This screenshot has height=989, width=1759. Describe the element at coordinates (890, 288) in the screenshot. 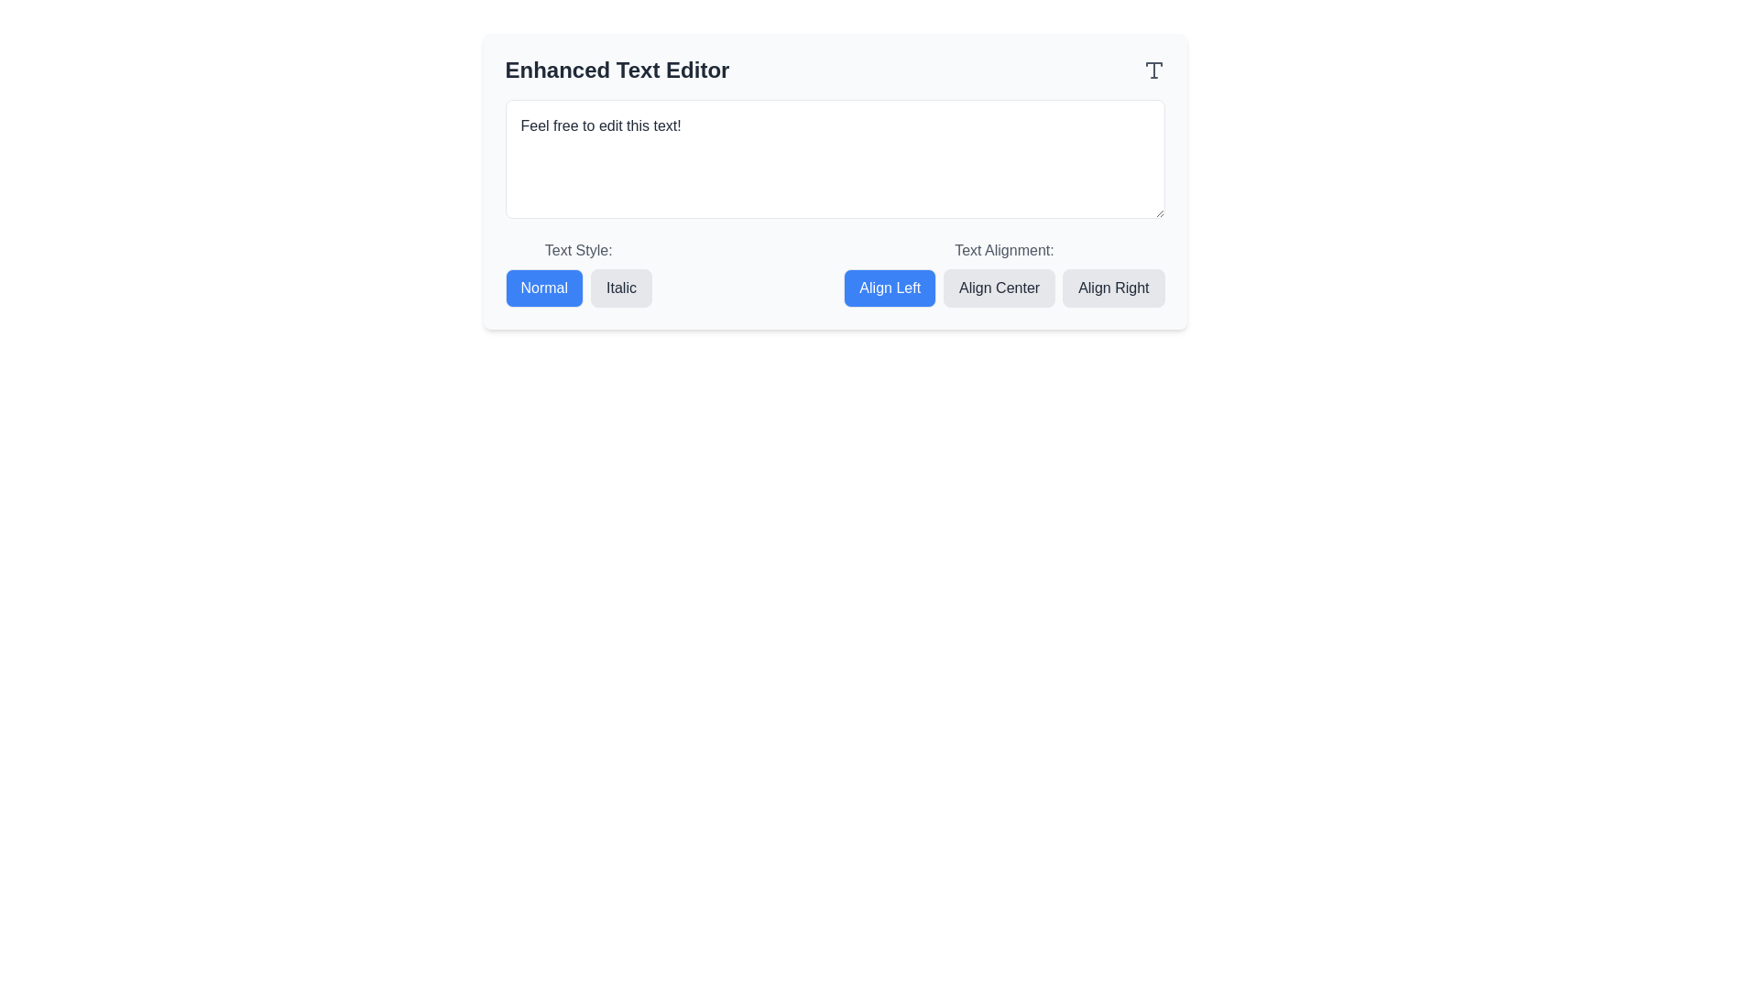

I see `the blue 'Align Left' button with white text, which is the leftmost button in the 'Text Alignment' section, to align the text to the left` at that location.